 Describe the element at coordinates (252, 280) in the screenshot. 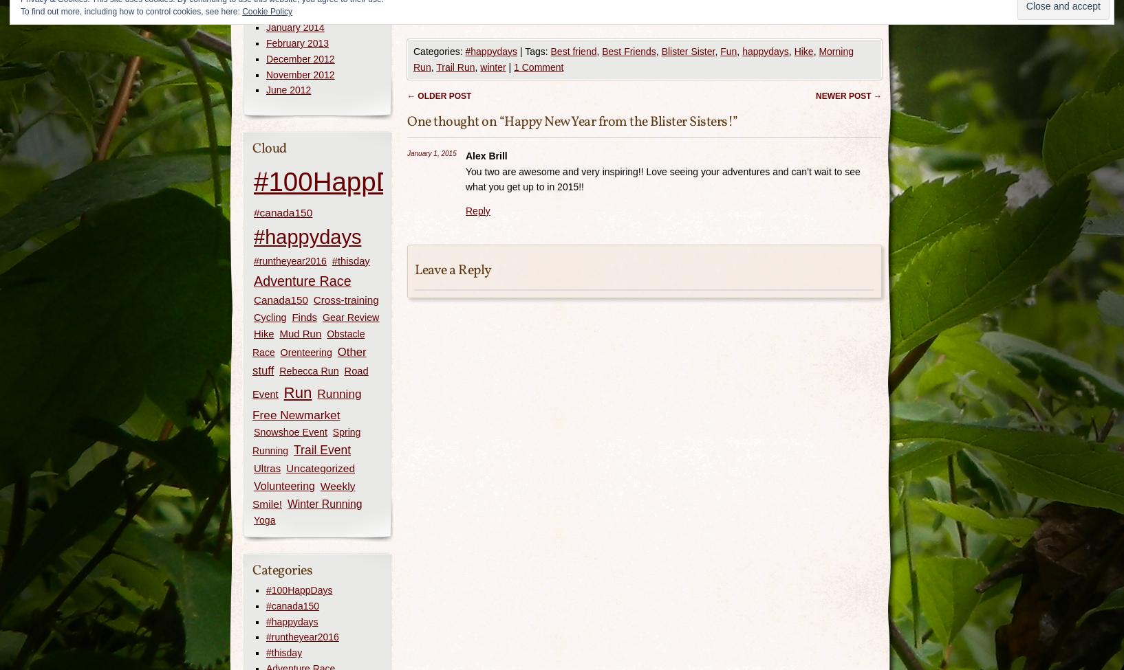

I see `'Adventure Race'` at that location.